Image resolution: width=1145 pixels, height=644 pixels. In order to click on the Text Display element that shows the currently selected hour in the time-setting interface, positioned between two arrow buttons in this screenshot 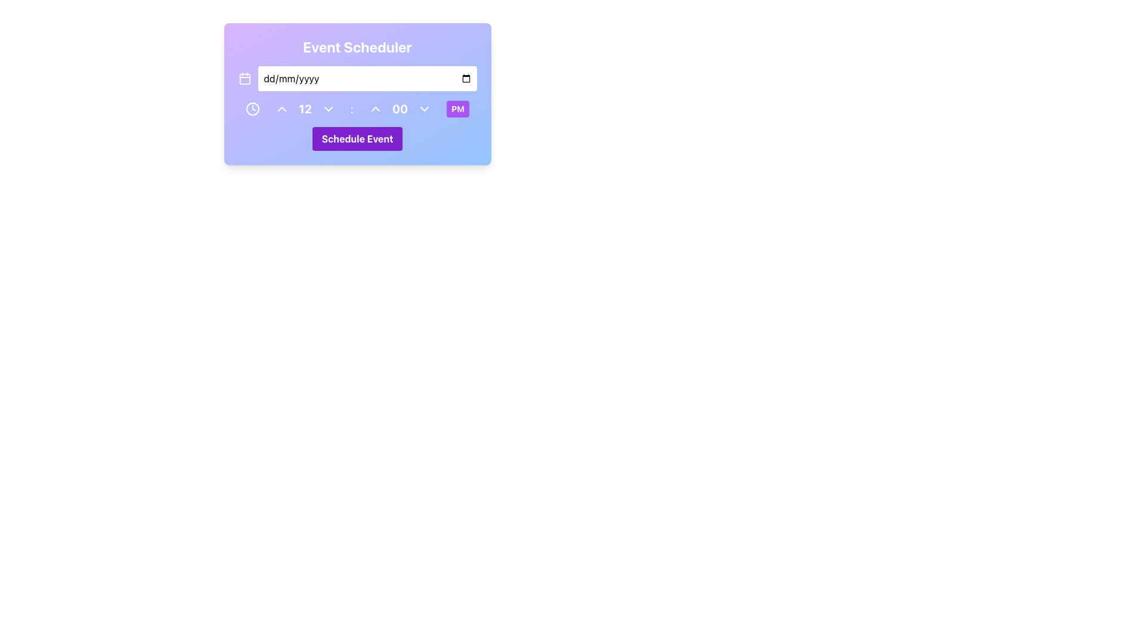, I will do `click(305, 109)`.